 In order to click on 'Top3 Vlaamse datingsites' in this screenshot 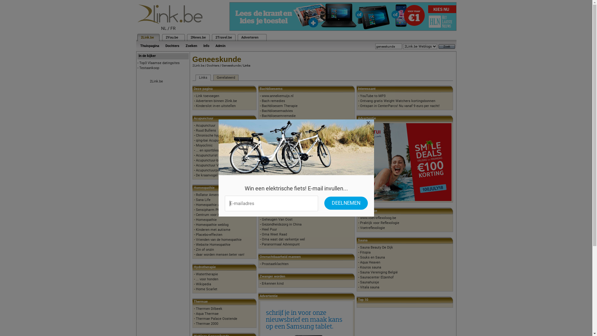, I will do `click(139, 63)`.